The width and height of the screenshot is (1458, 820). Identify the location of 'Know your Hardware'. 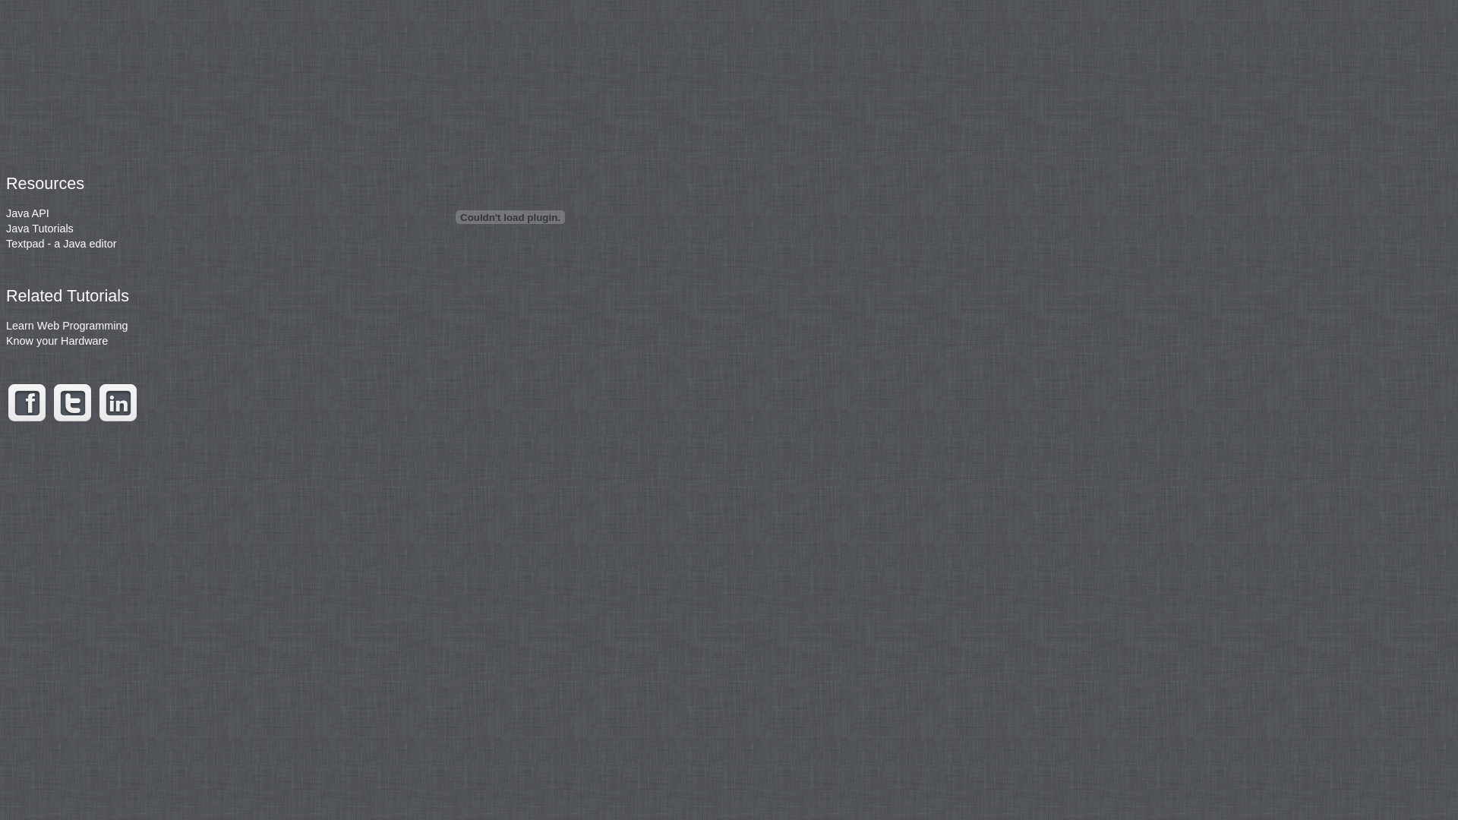
(57, 339).